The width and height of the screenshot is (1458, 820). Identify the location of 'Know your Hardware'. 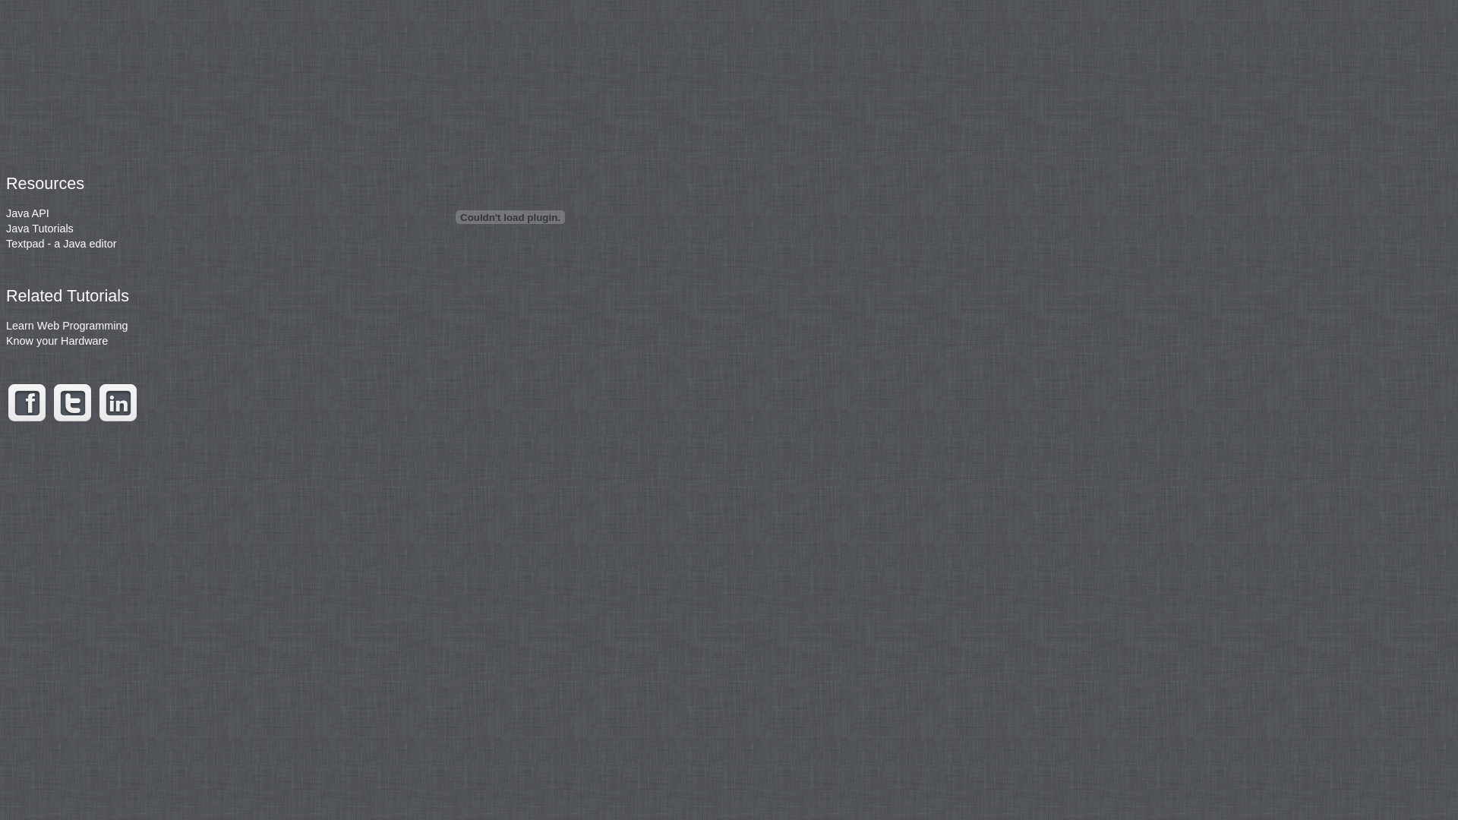
(57, 339).